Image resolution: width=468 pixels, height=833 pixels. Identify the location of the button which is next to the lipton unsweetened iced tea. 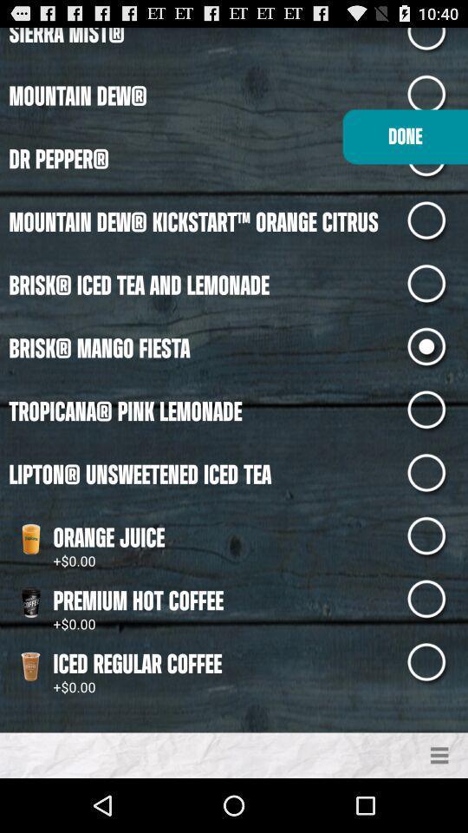
(437, 475).